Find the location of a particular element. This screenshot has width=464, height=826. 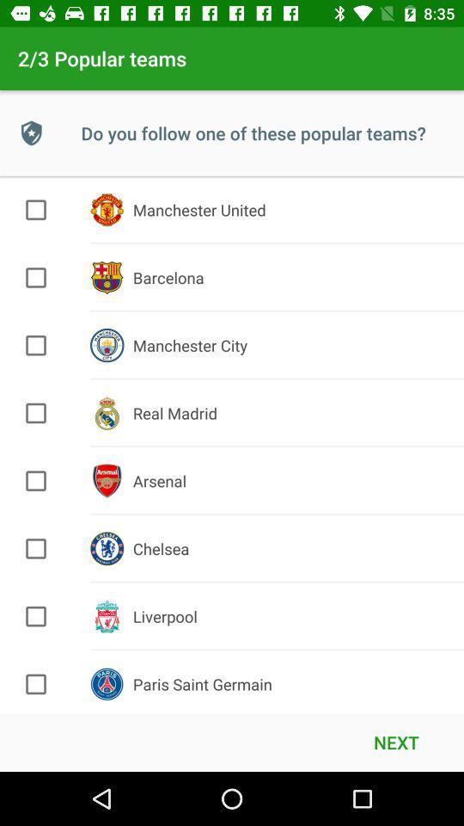

team selection is located at coordinates (36, 684).